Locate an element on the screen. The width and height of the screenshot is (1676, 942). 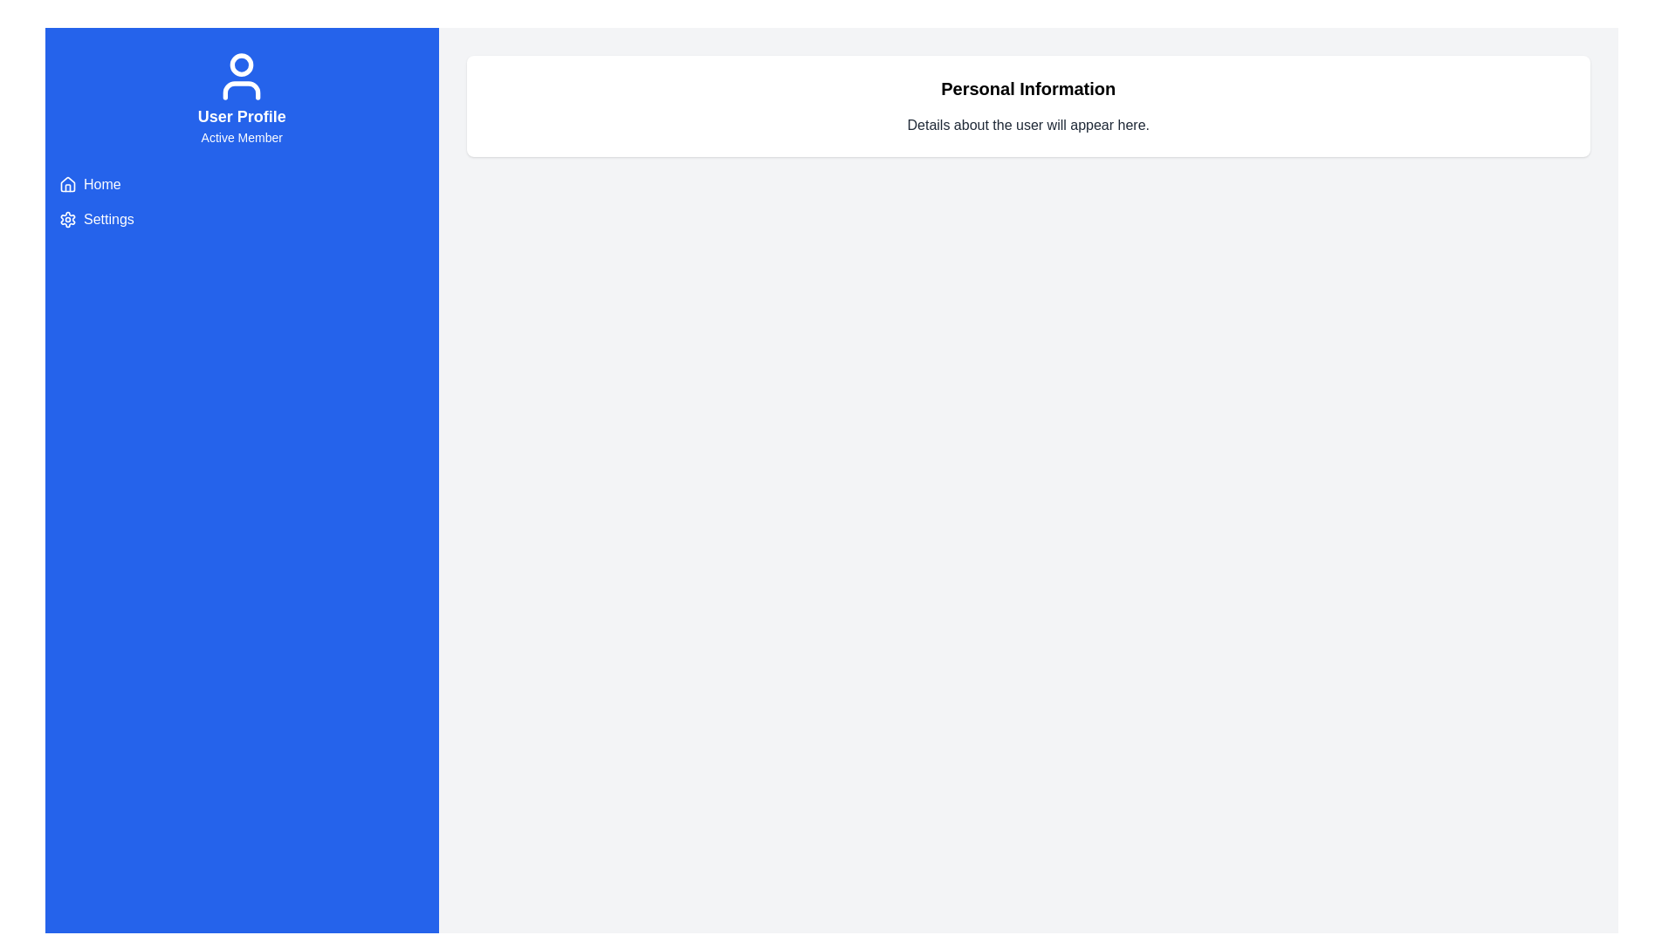
the house icon representing the Home navigation option located at the top left of the sidebar is located at coordinates (67, 184).